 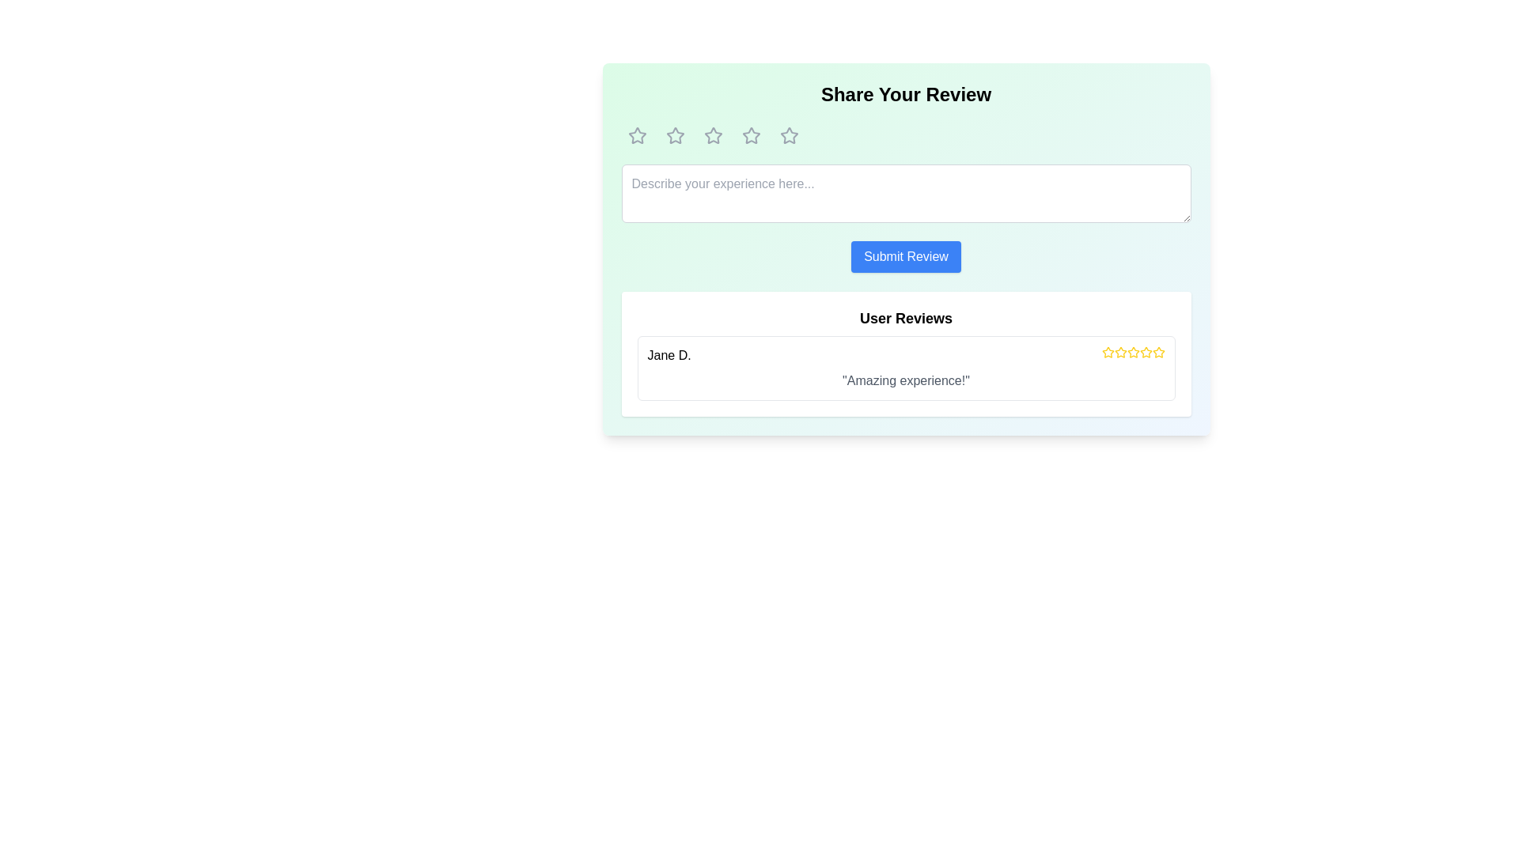 What do you see at coordinates (789, 135) in the screenshot?
I see `the 5th star icon in the horizontal series of rating stars` at bounding box center [789, 135].